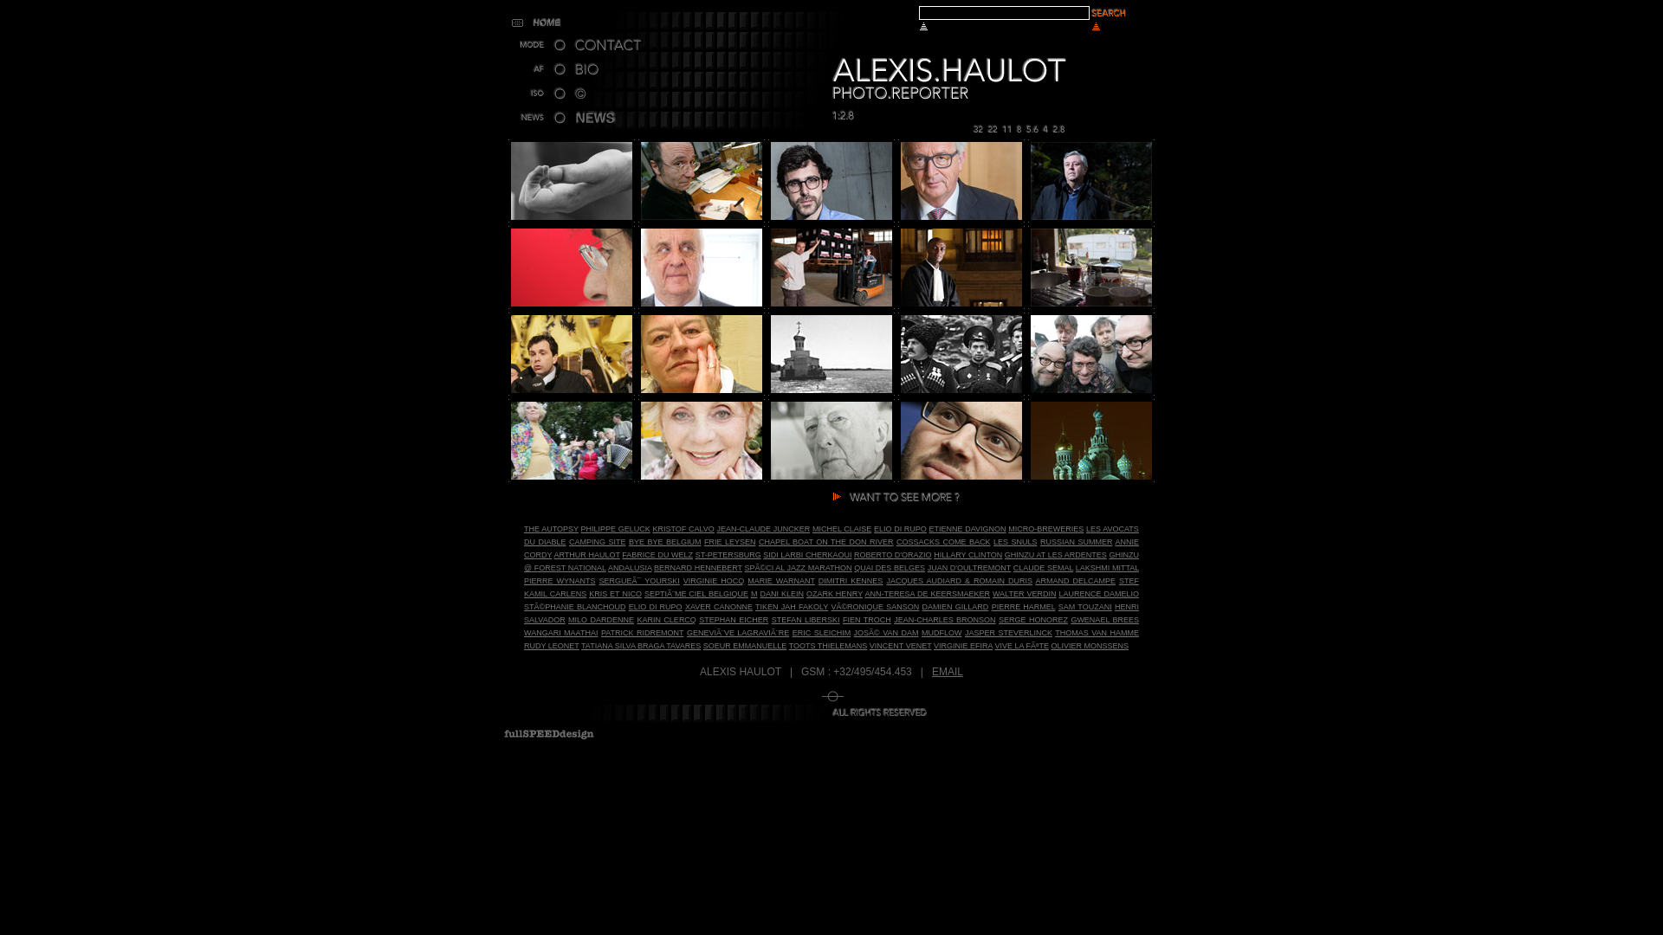 The width and height of the screenshot is (1663, 935). What do you see at coordinates (893, 554) in the screenshot?
I see `'ROBERTO D'ORAZIO'` at bounding box center [893, 554].